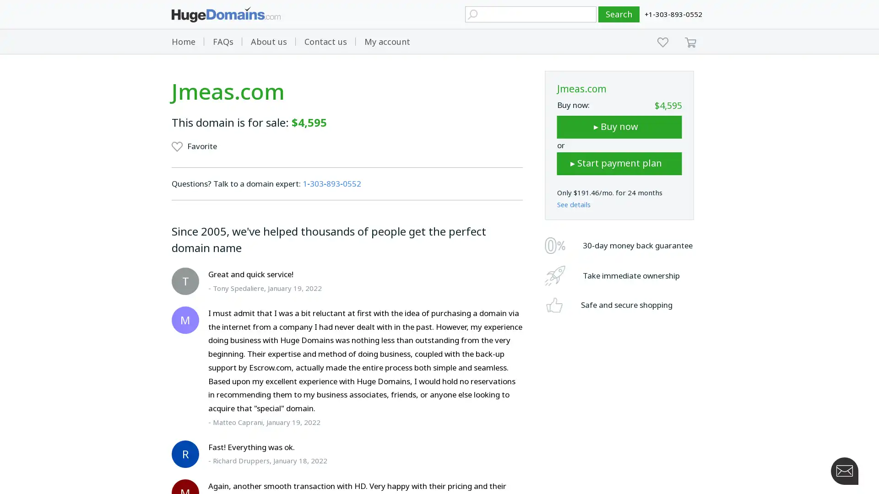 The height and width of the screenshot is (494, 879). I want to click on Search, so click(619, 14).